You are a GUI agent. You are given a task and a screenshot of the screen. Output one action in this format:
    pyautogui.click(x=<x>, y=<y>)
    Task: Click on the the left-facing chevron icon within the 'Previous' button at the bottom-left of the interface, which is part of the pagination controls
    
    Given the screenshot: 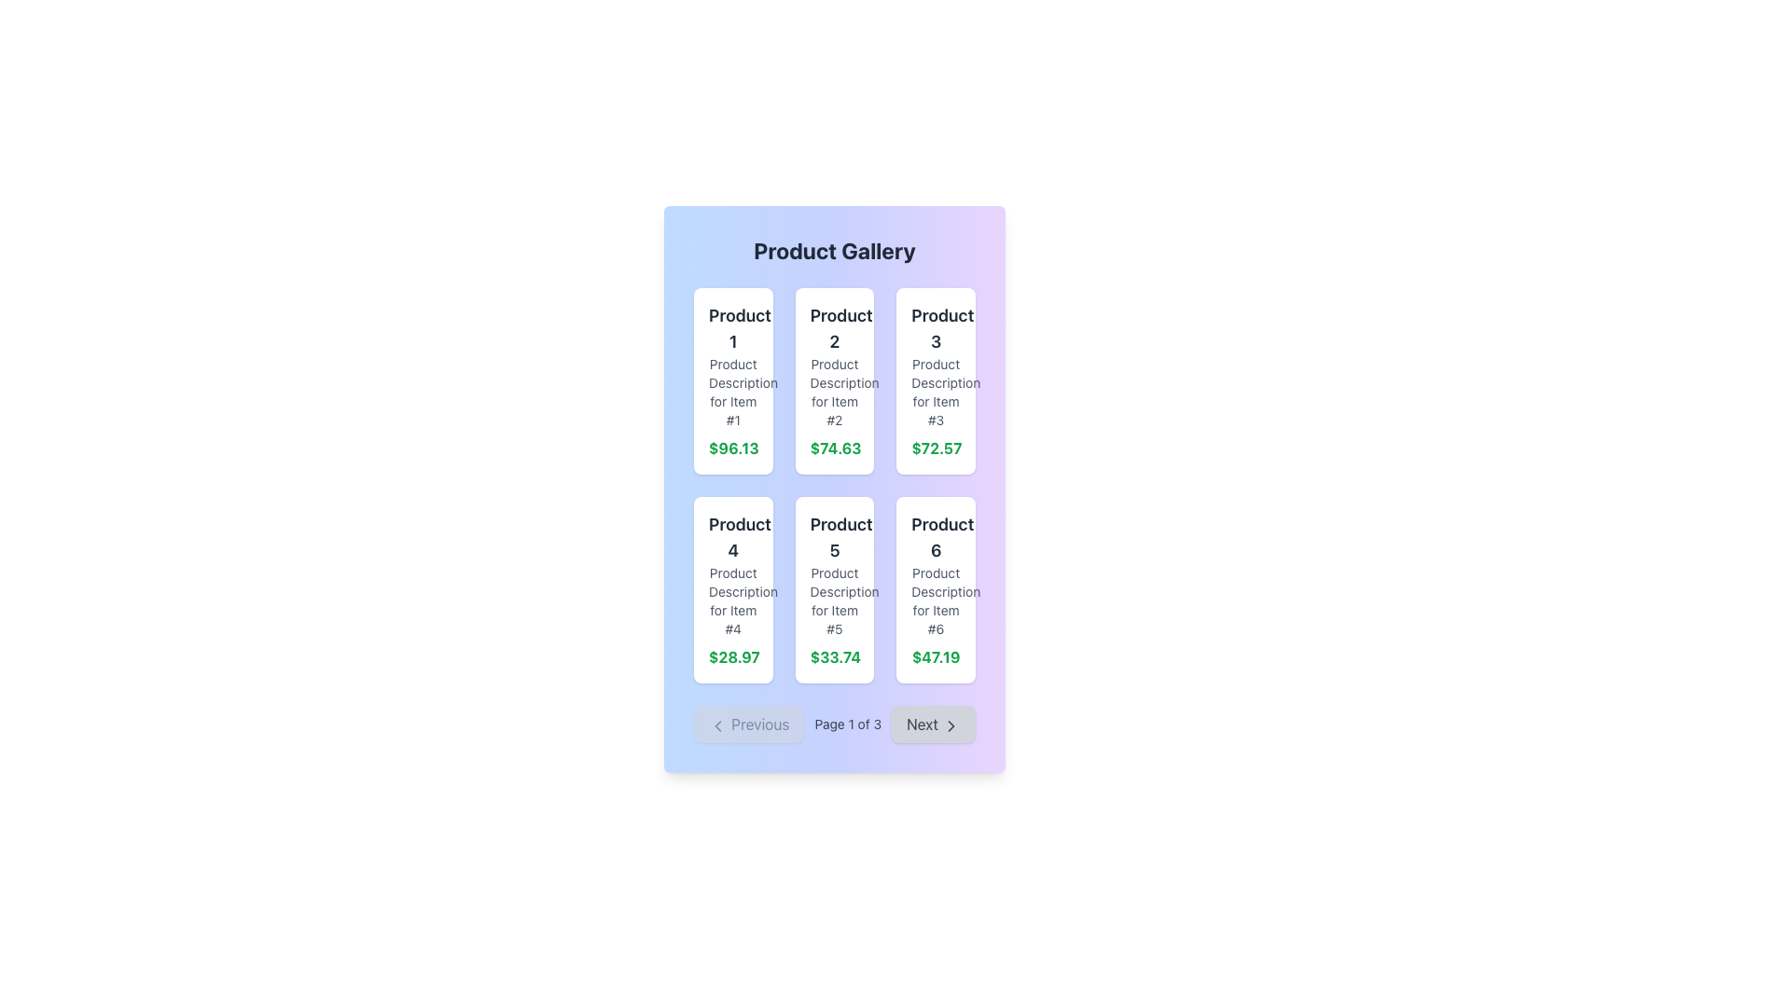 What is the action you would take?
    pyautogui.click(x=716, y=724)
    